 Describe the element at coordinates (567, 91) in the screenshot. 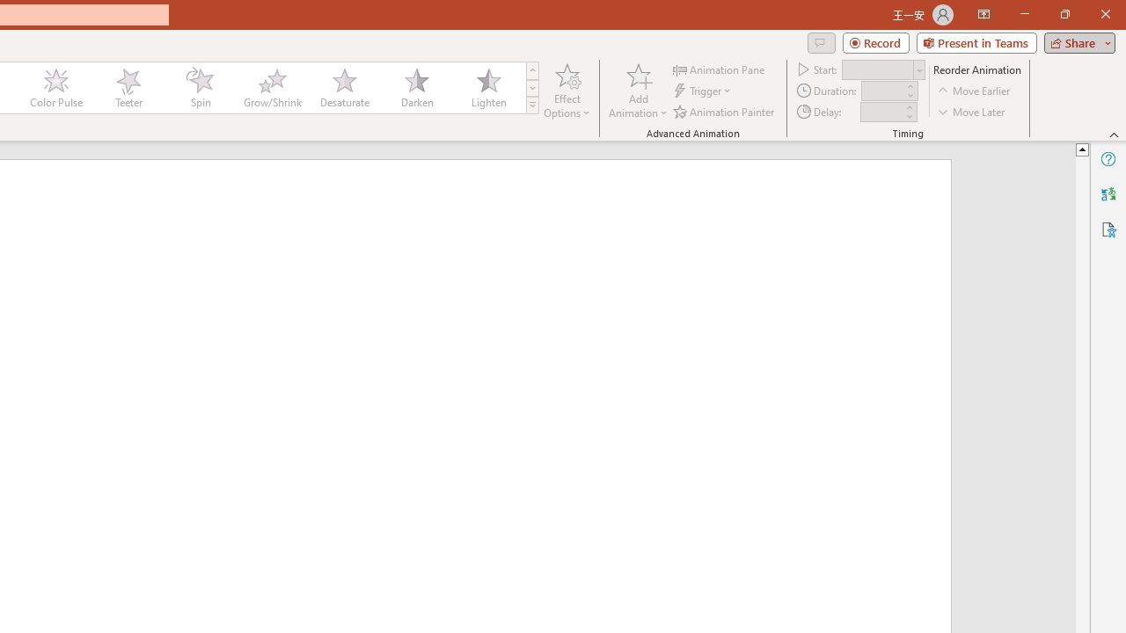

I see `'Effect Options'` at that location.